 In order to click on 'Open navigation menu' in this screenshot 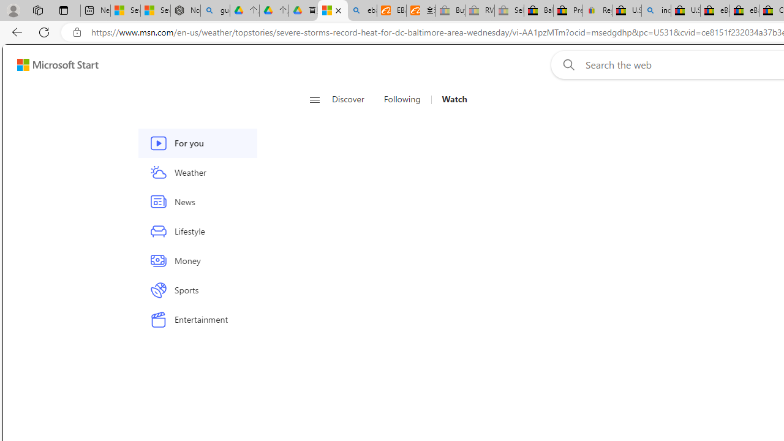, I will do `click(314, 99)`.